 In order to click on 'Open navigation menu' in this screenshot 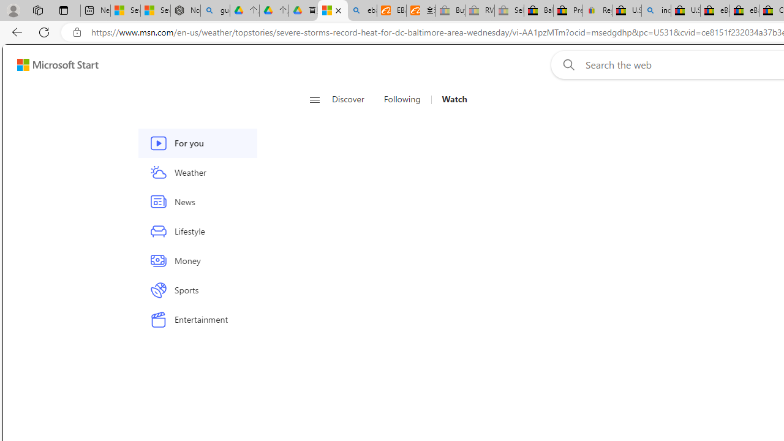, I will do `click(314, 99)`.